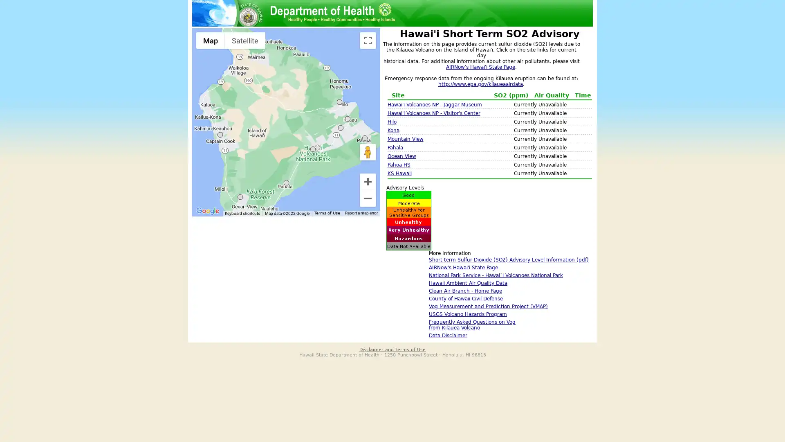  I want to click on KS Hawaii: No Data, so click(348, 119).